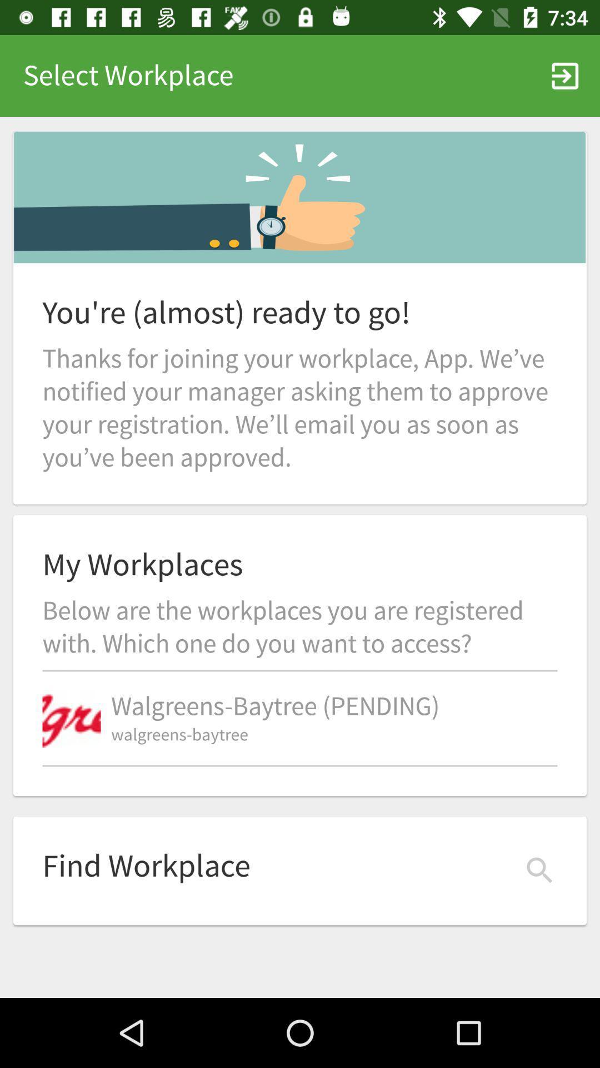  I want to click on item next to the select workplace item, so click(565, 75).